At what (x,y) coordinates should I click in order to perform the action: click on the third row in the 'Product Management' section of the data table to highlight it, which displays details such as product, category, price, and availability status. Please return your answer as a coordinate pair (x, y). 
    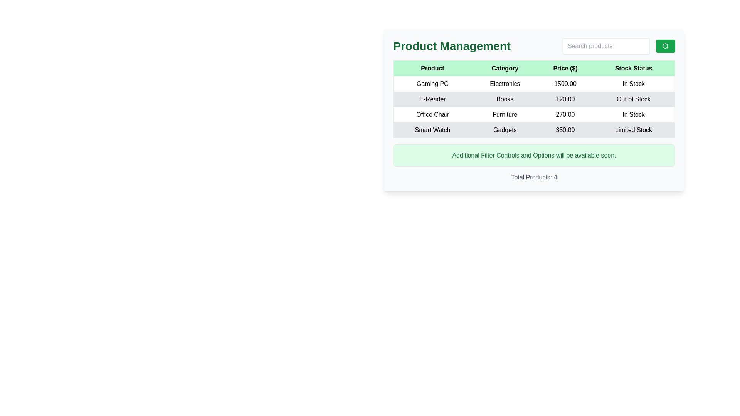
    Looking at the image, I should click on (534, 114).